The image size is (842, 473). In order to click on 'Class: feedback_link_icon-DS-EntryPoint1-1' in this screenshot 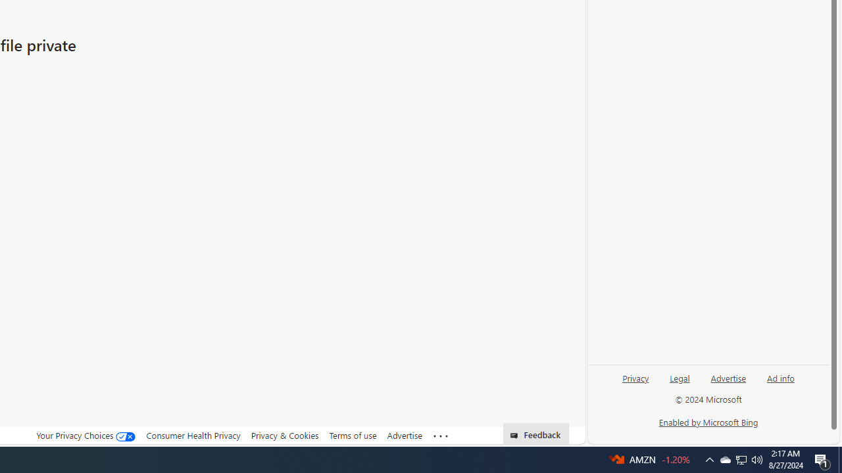, I will do `click(516, 436)`.